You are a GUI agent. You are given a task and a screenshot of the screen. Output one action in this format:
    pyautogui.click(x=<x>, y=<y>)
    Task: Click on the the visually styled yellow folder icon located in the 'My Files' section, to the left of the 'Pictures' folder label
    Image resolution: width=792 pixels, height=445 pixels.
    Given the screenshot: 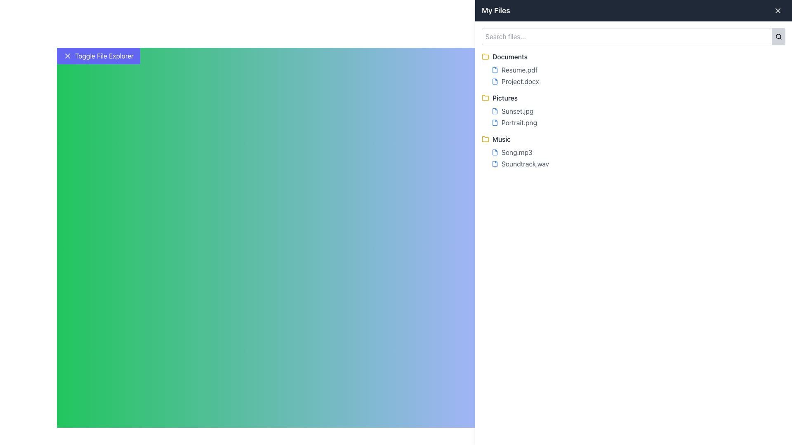 What is the action you would take?
    pyautogui.click(x=485, y=56)
    